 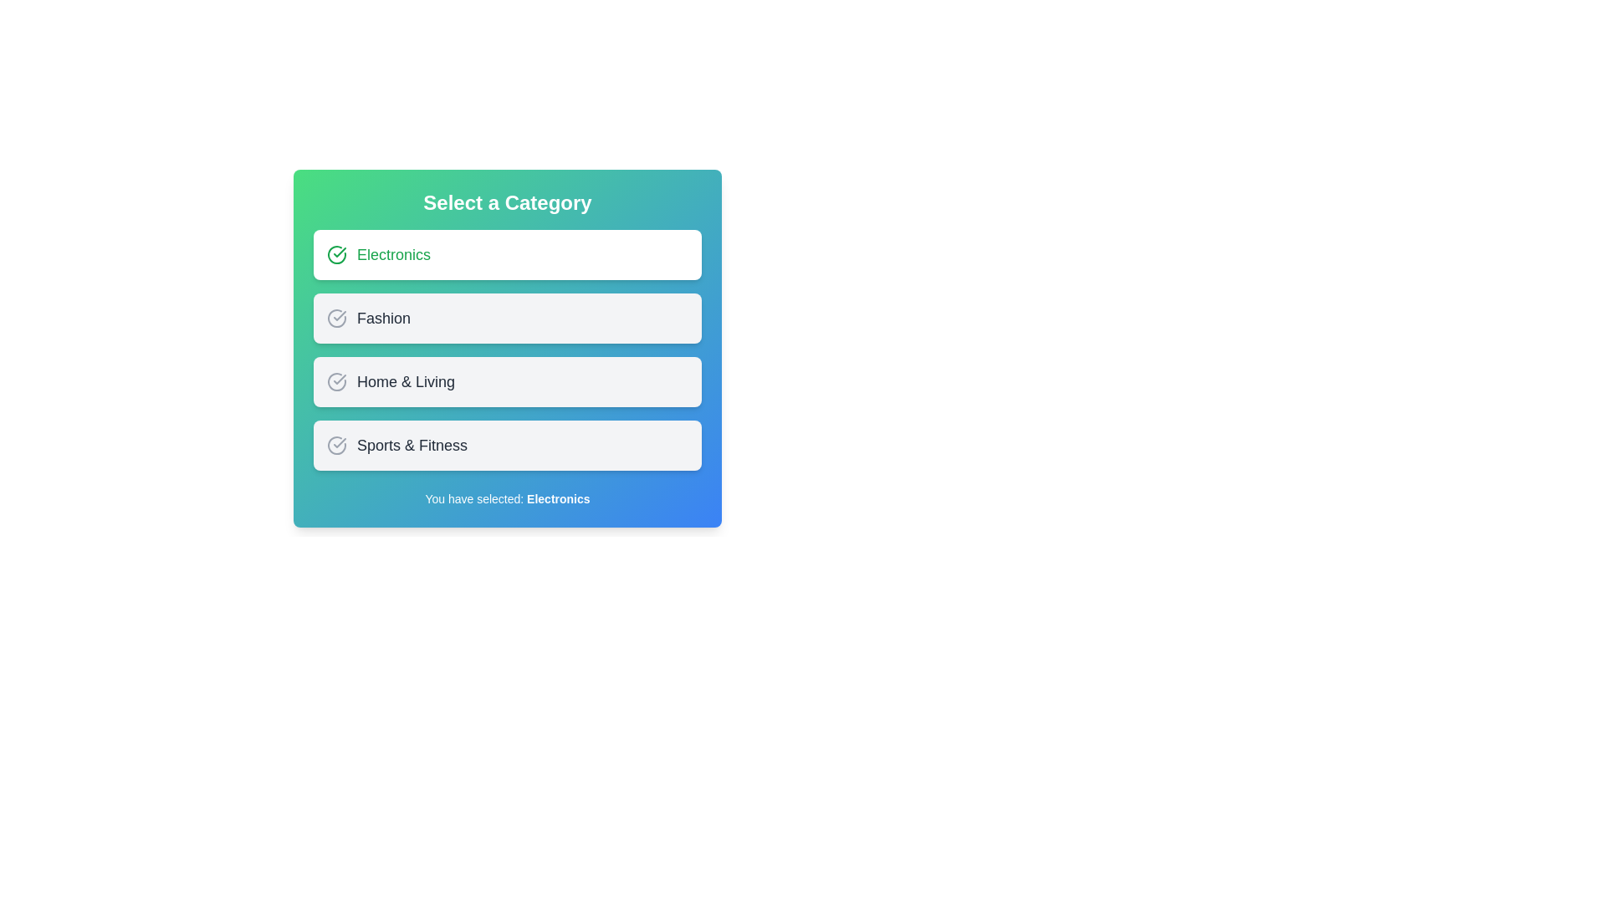 What do you see at coordinates (506, 381) in the screenshot?
I see `the 'Home & Living' button, which is a horizontally-aligned rectangular box with a light-gray background, located below the 'Fashion' option and above the 'Sports & Fitness' option in the menu` at bounding box center [506, 381].